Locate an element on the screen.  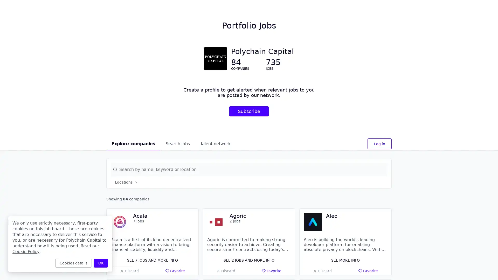
Cookies details is located at coordinates (73, 263).